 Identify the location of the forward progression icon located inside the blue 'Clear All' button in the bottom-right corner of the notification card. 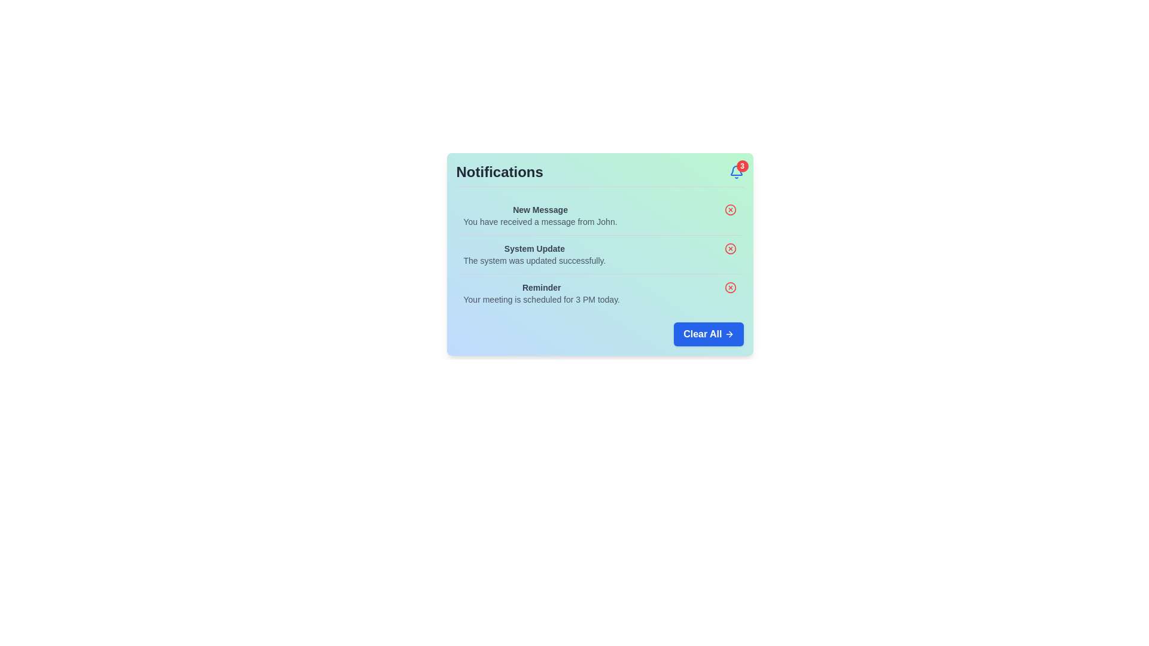
(728, 334).